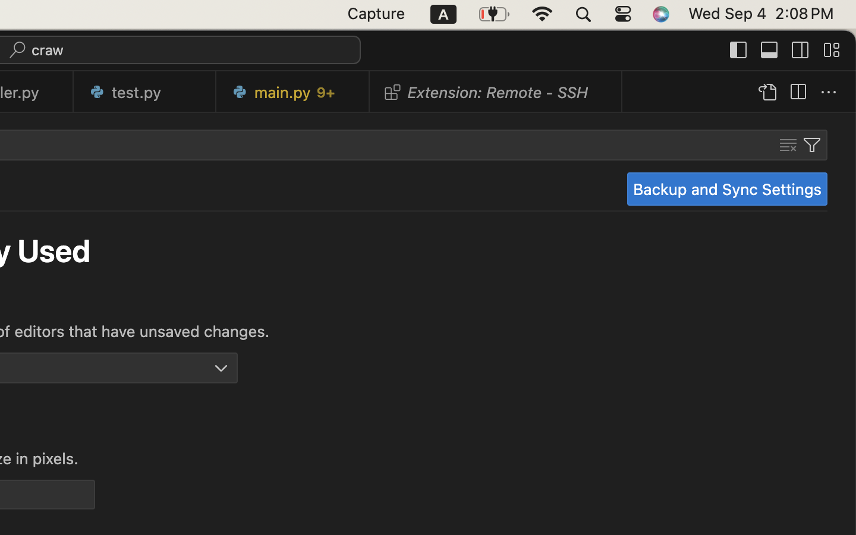 Image resolution: width=856 pixels, height=535 pixels. What do you see at coordinates (787, 144) in the screenshot?
I see `''` at bounding box center [787, 144].